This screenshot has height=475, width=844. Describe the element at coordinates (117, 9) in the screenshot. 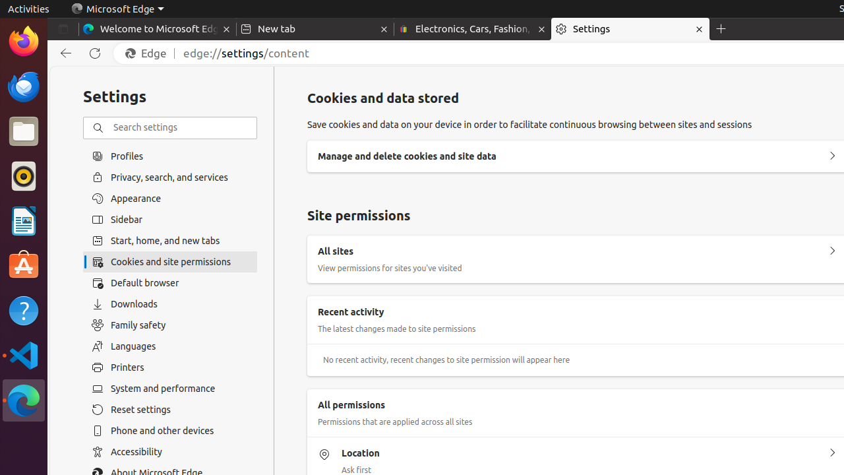

I see `'Microsoft Edge'` at that location.